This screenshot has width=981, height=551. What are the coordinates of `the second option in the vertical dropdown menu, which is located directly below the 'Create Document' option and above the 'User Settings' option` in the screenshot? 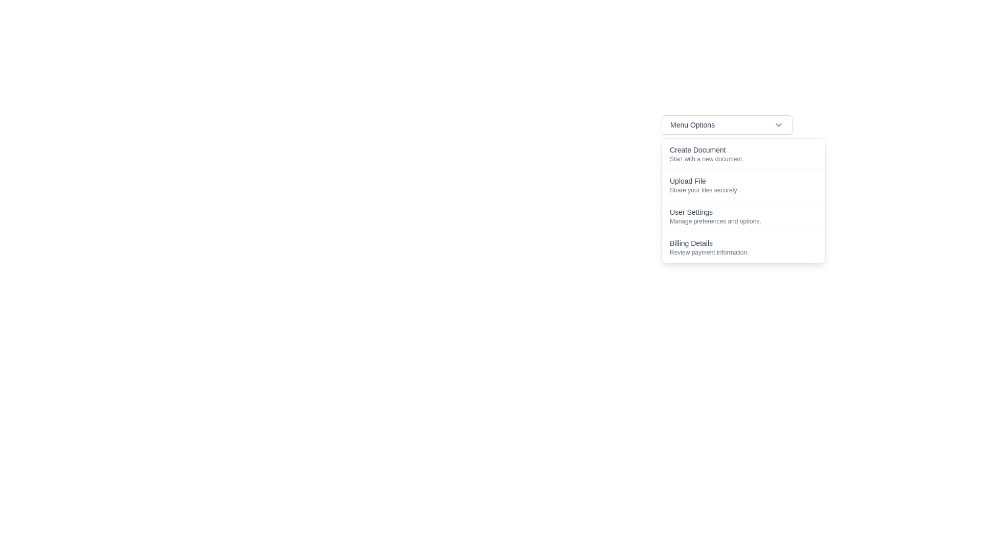 It's located at (743, 185).